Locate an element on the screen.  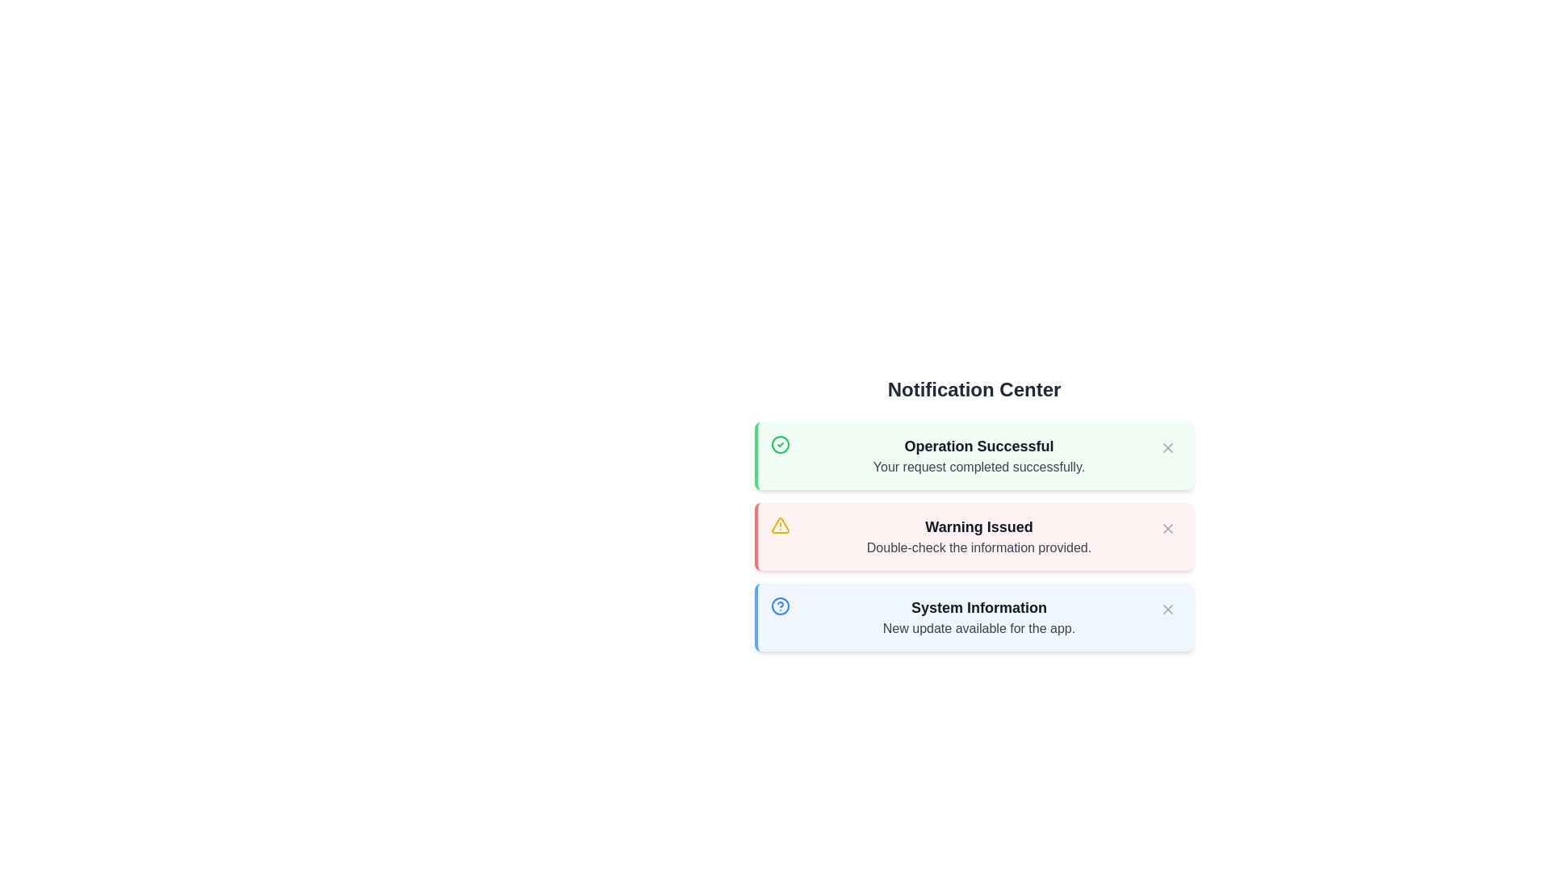
the static text element that reads 'New update available for the app.', which is located beneath the header 'System Information' is located at coordinates (978, 628).